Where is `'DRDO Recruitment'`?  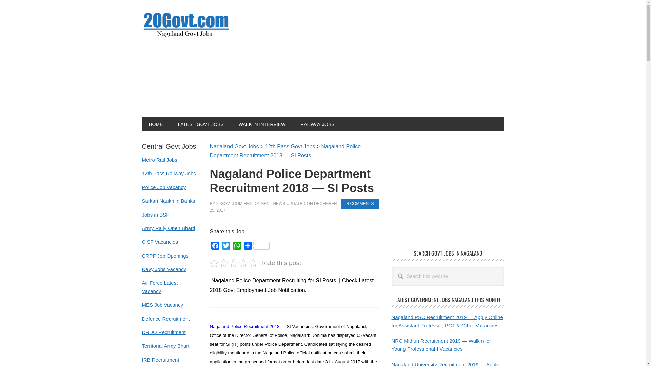
'DRDO Recruitment' is located at coordinates (141, 332).